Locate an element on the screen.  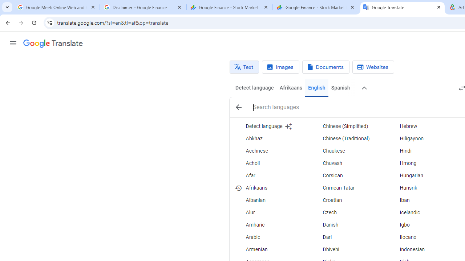
'Hiligaynon' is located at coordinates (425, 139).